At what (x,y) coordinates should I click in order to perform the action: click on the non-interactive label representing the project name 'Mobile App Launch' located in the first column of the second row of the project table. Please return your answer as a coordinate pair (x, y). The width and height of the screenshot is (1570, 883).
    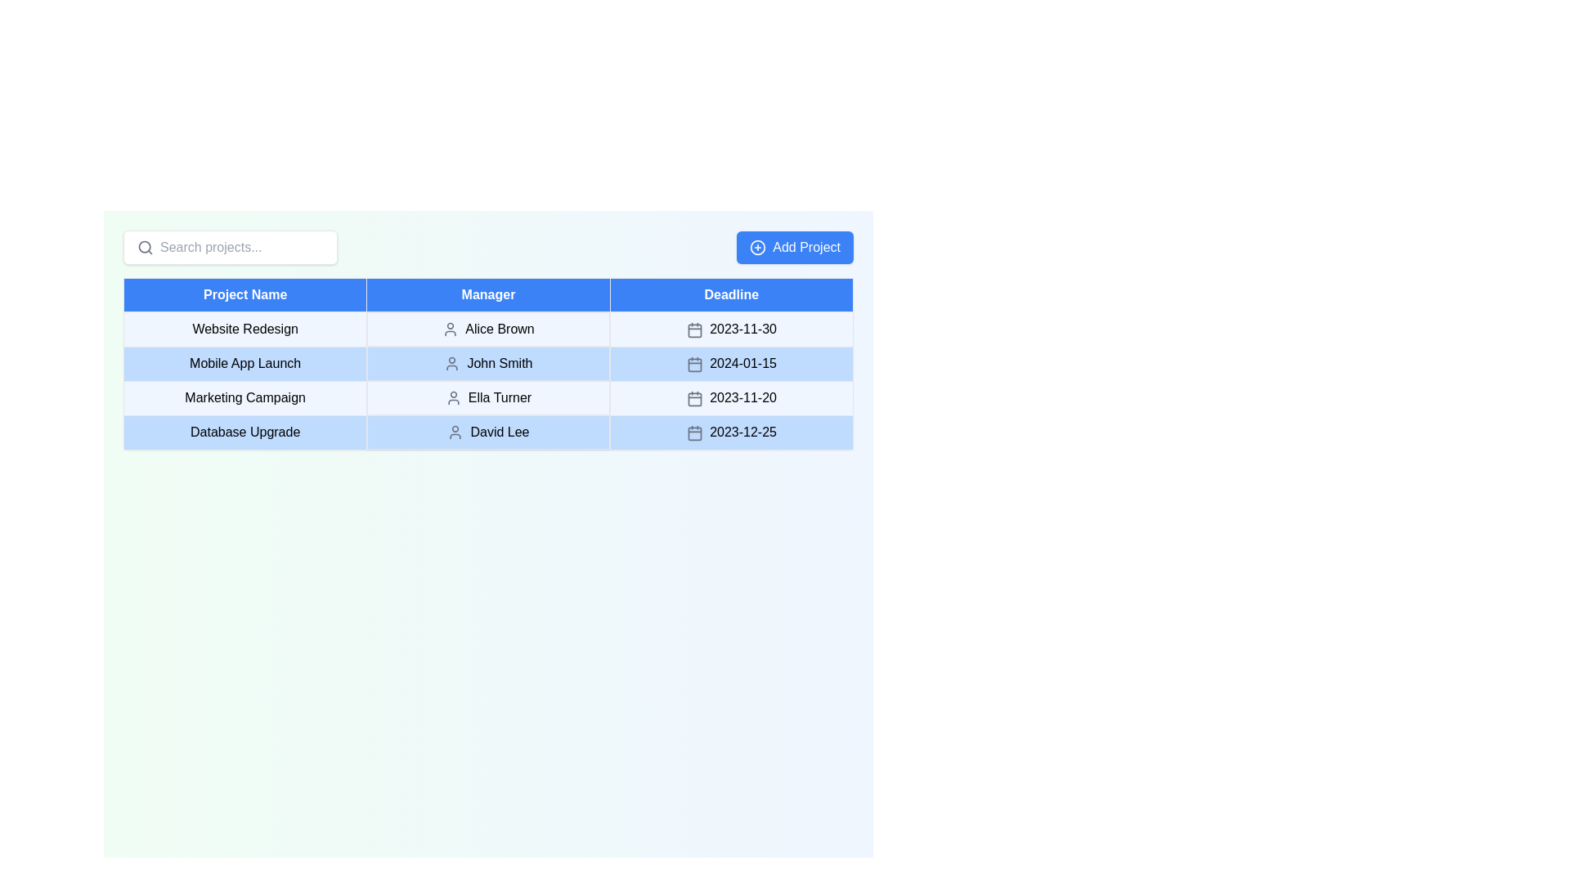
    Looking at the image, I should click on (244, 362).